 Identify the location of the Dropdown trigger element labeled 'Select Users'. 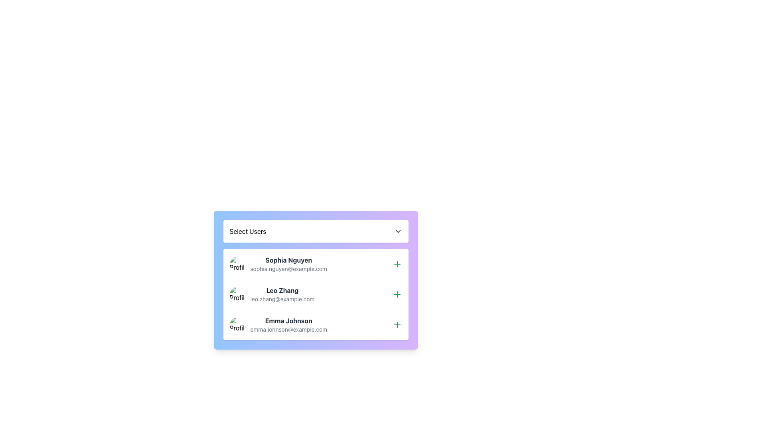
(315, 231).